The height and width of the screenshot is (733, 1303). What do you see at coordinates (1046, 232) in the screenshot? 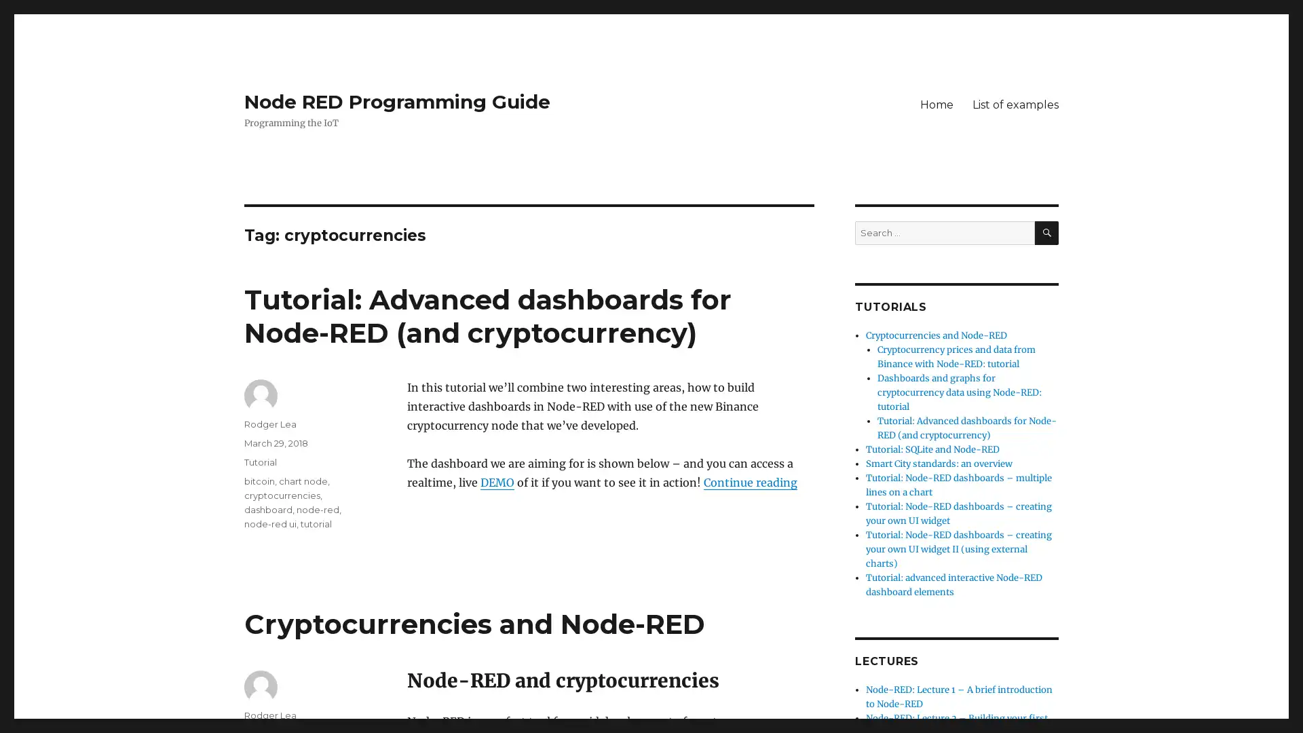
I see `SEARCH` at bounding box center [1046, 232].